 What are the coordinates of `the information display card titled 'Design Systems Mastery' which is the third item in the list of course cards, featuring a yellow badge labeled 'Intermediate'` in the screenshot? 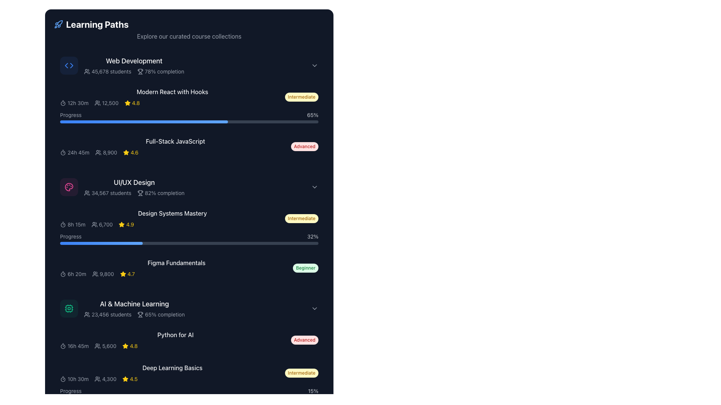 It's located at (189, 218).